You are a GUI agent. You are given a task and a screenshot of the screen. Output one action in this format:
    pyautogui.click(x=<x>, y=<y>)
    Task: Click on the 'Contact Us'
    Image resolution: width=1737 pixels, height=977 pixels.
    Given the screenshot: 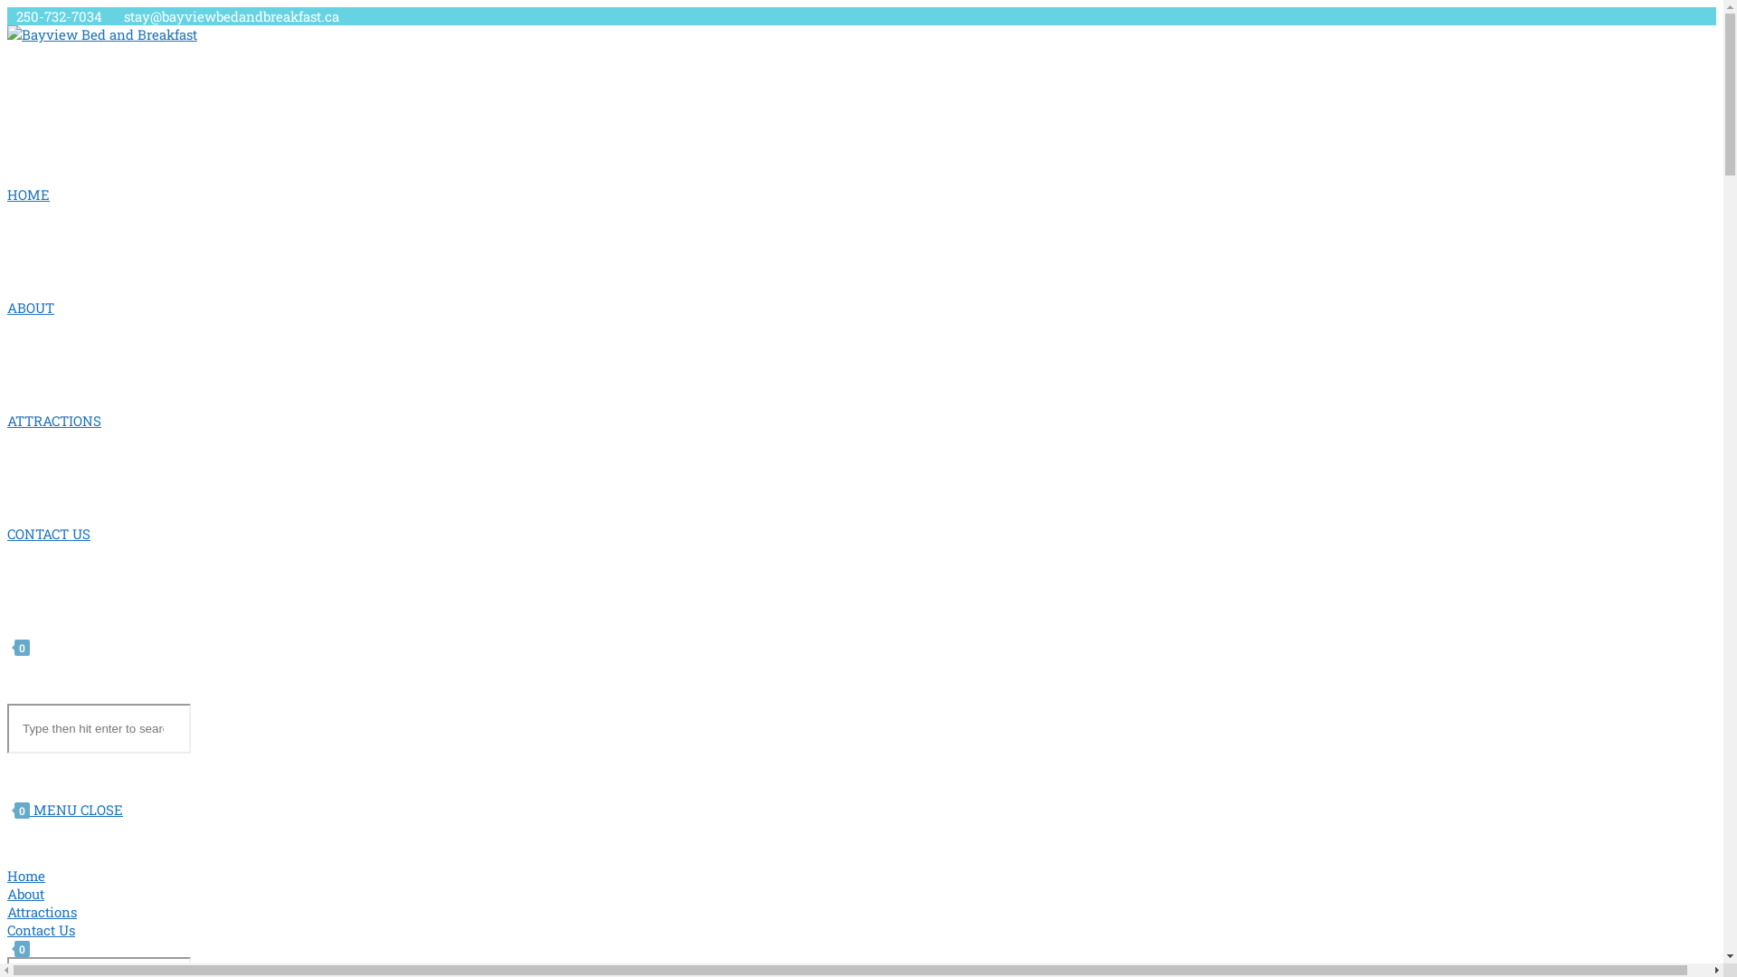 What is the action you would take?
    pyautogui.click(x=41, y=930)
    